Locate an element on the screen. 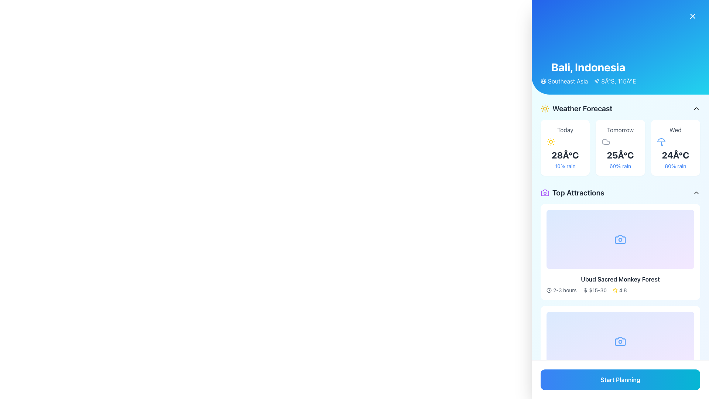 The width and height of the screenshot is (709, 399). the photo indicator icon located at the top-middle of the 'Top Attractions' card in the lower section is located at coordinates (620, 341).